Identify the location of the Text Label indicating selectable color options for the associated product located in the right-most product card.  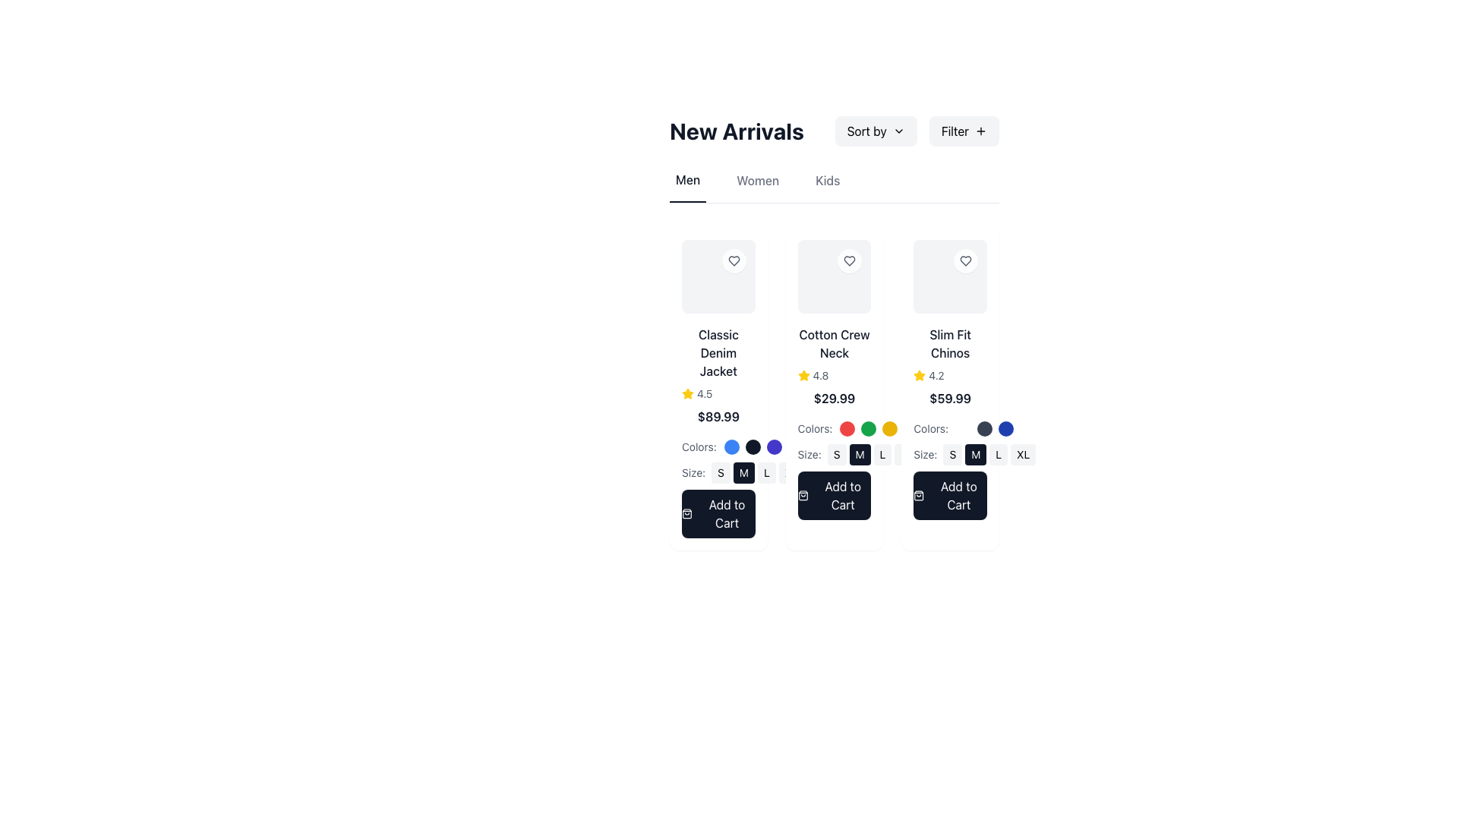
(930, 428).